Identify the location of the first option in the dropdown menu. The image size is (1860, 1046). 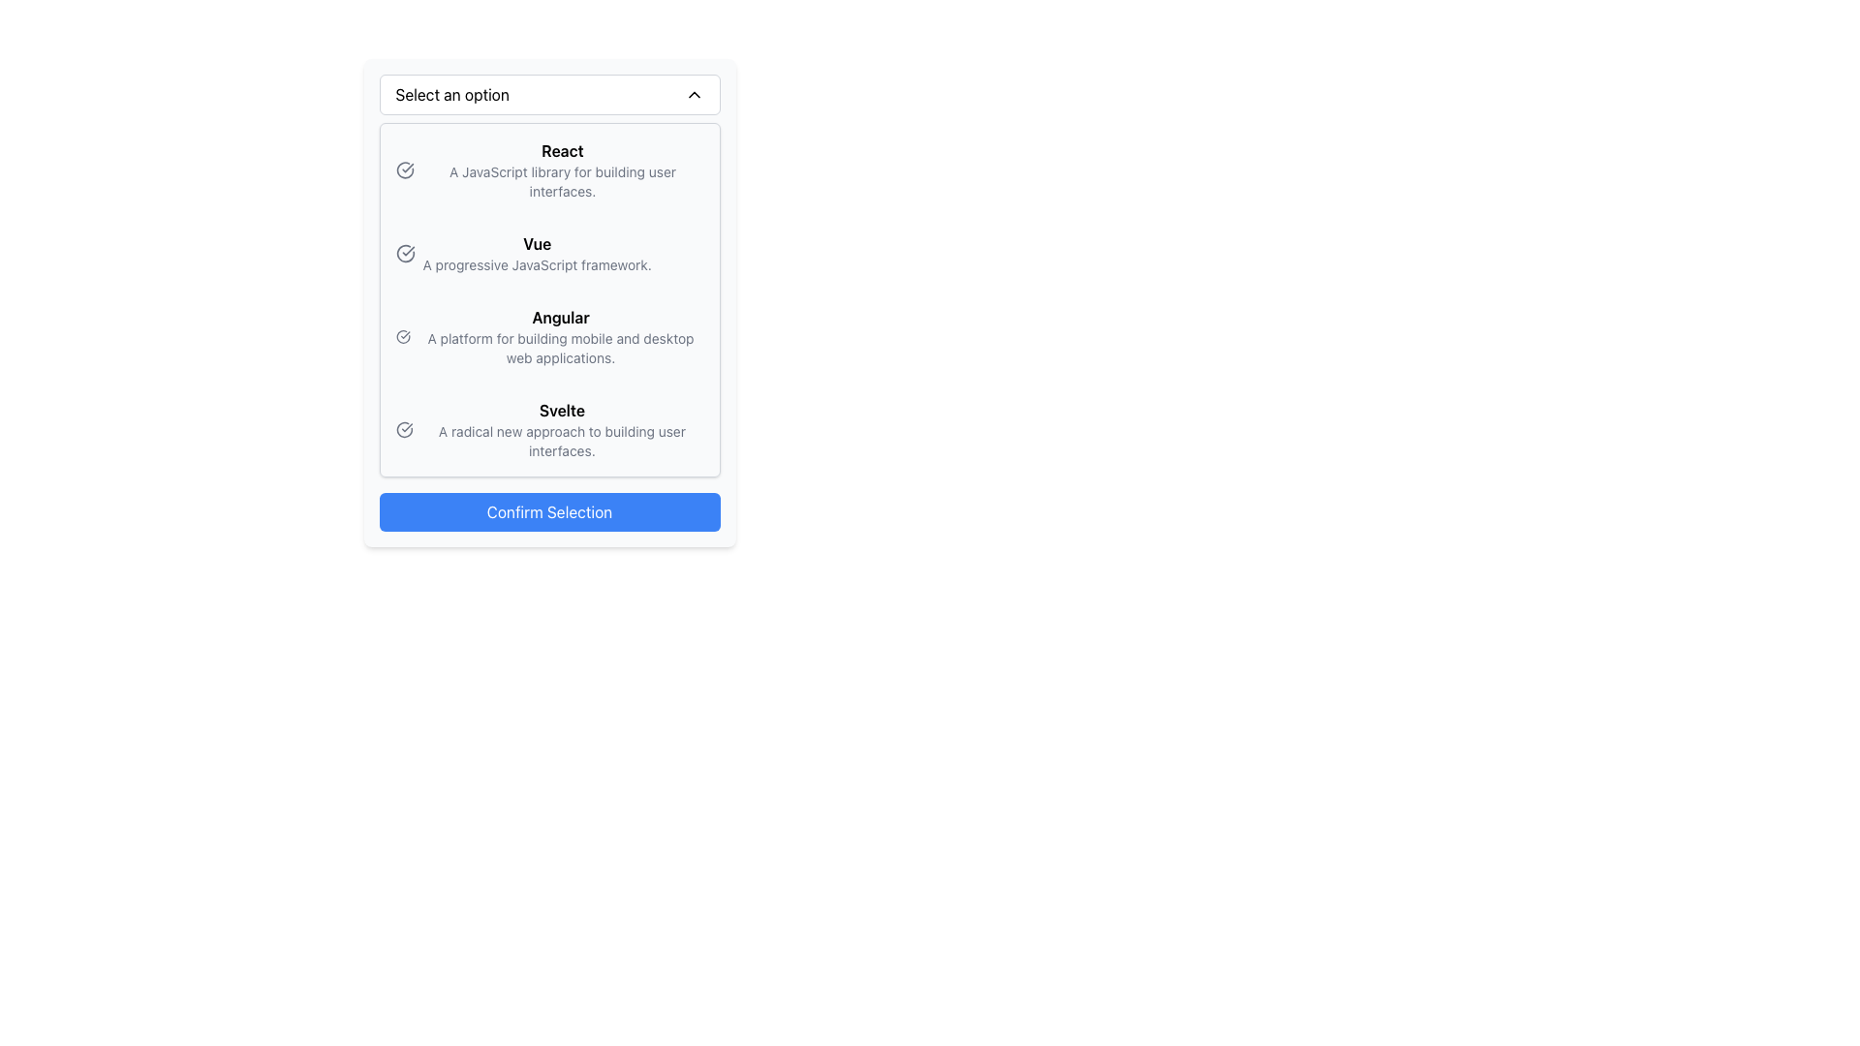
(548, 169).